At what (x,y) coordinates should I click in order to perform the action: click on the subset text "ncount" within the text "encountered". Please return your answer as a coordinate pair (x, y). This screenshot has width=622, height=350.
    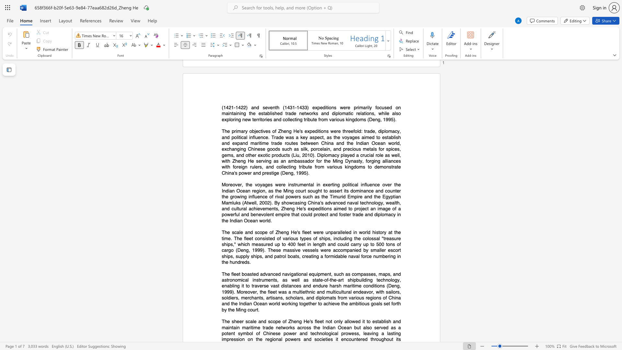
    Looking at the image, I should click on (343, 339).